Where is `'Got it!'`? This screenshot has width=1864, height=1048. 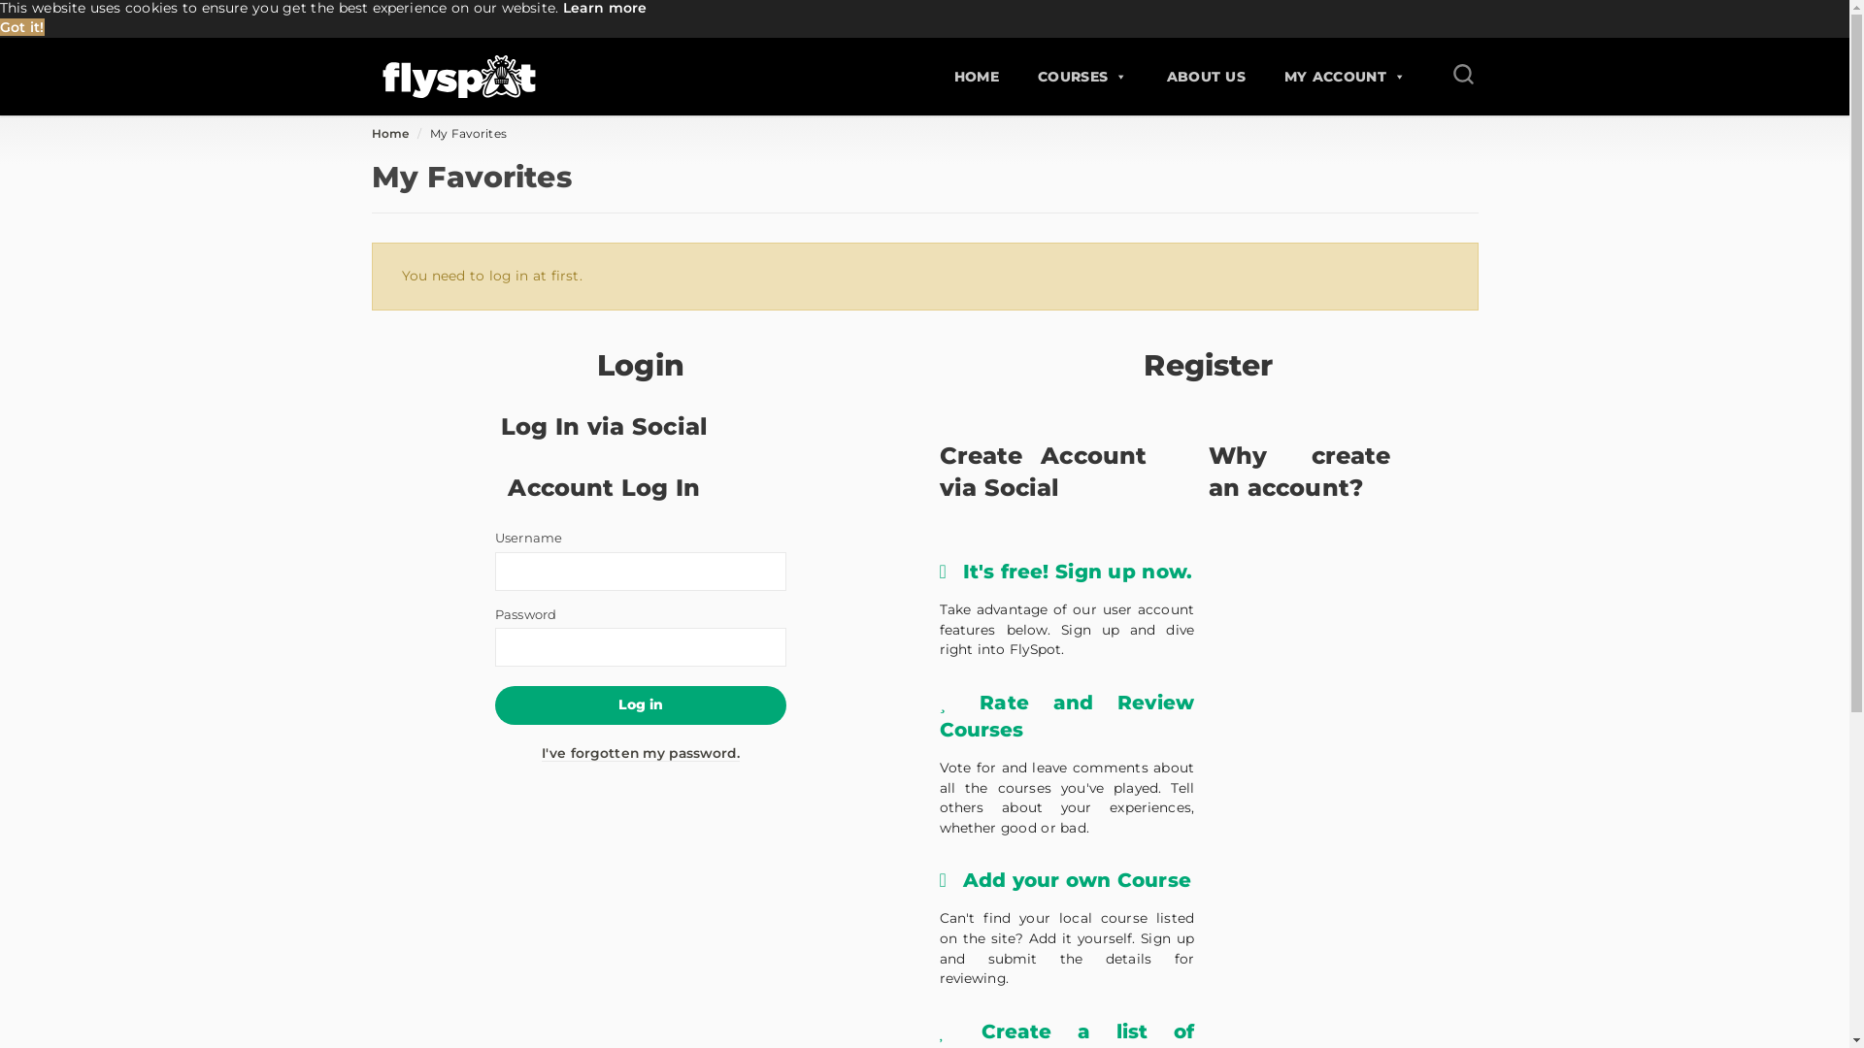
'Got it!' is located at coordinates (22, 26).